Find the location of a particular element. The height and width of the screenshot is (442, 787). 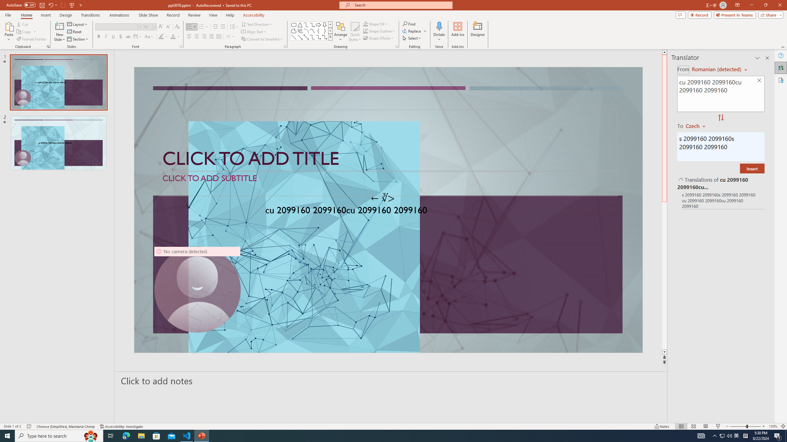

'Shape Fill Dark Green, Accent 2' is located at coordinates (366, 24).